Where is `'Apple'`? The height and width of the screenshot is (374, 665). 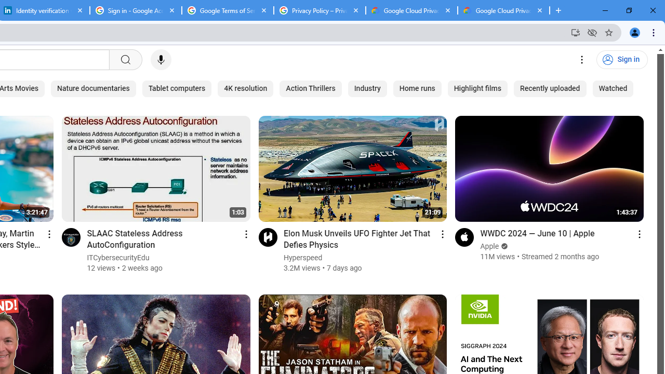
'Apple' is located at coordinates (489, 246).